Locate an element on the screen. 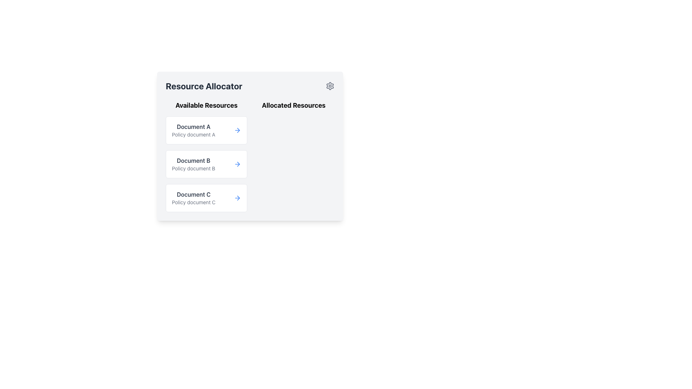 Image resolution: width=692 pixels, height=389 pixels. the second rightward arrow under 'Available Resources' is located at coordinates (239, 164).